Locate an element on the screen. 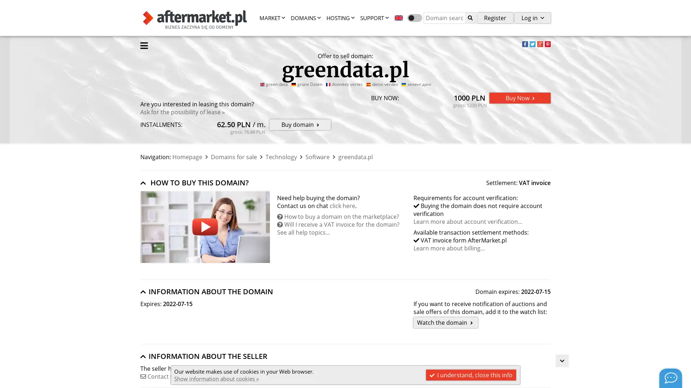  Buy Now is located at coordinates (520, 98).